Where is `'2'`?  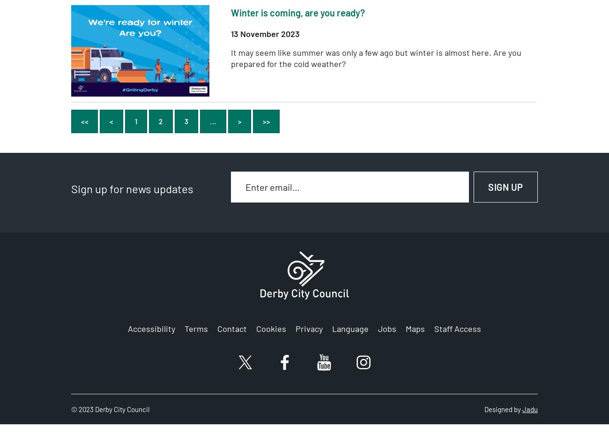
'2' is located at coordinates (160, 121).